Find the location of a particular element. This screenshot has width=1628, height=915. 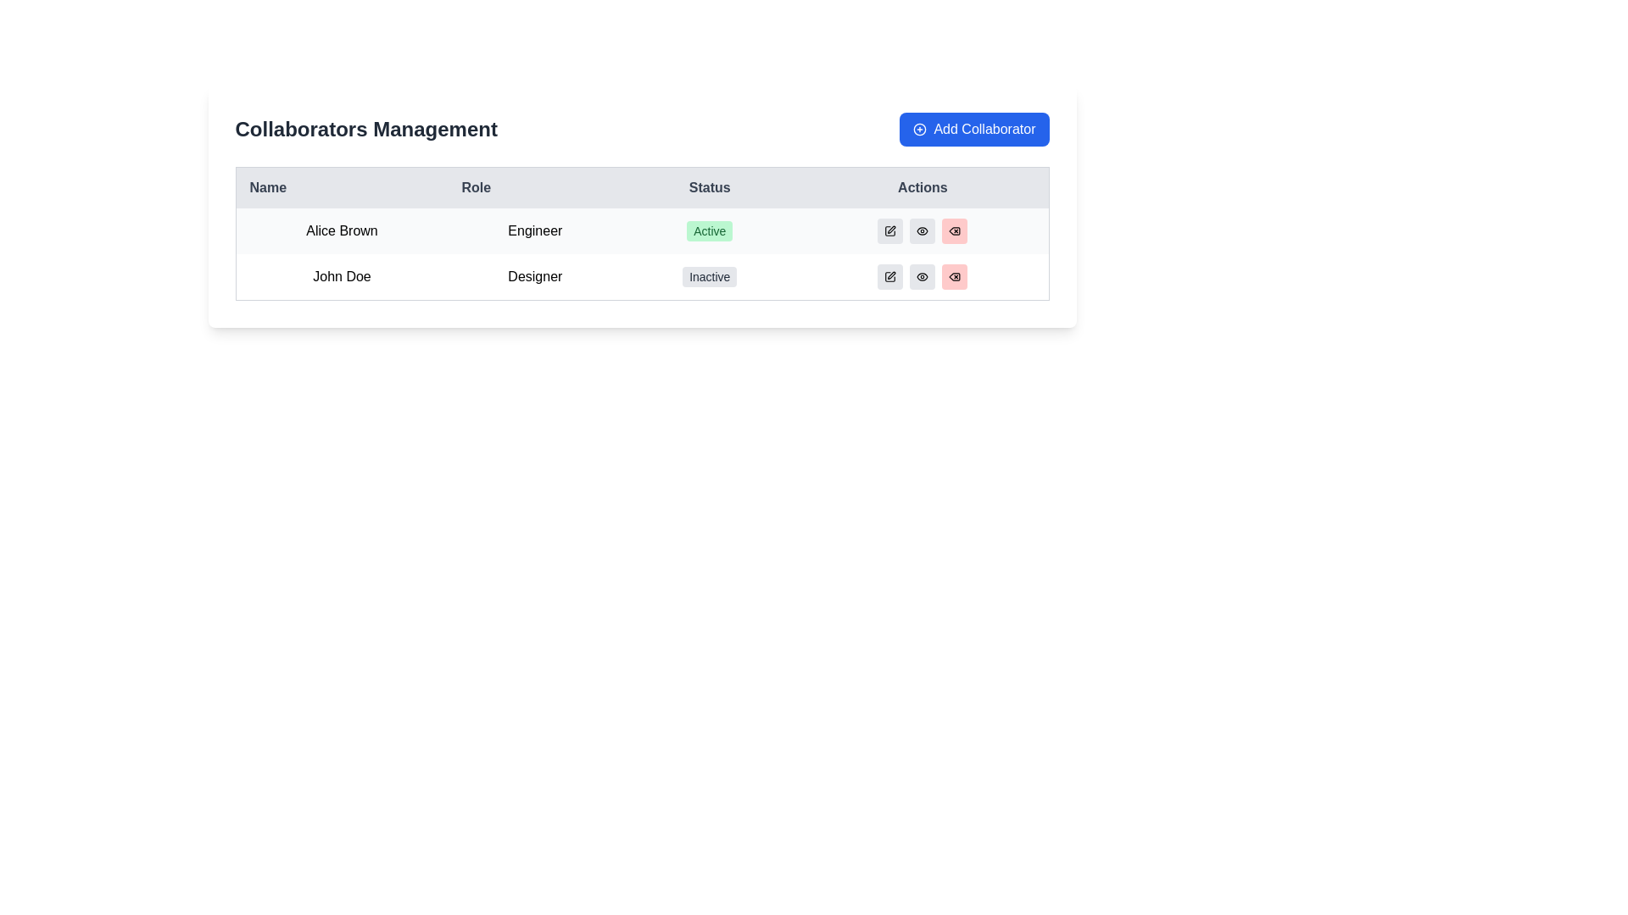

the edit button in the Actions column for the row representing 'Alice Brown' is located at coordinates (889, 231).